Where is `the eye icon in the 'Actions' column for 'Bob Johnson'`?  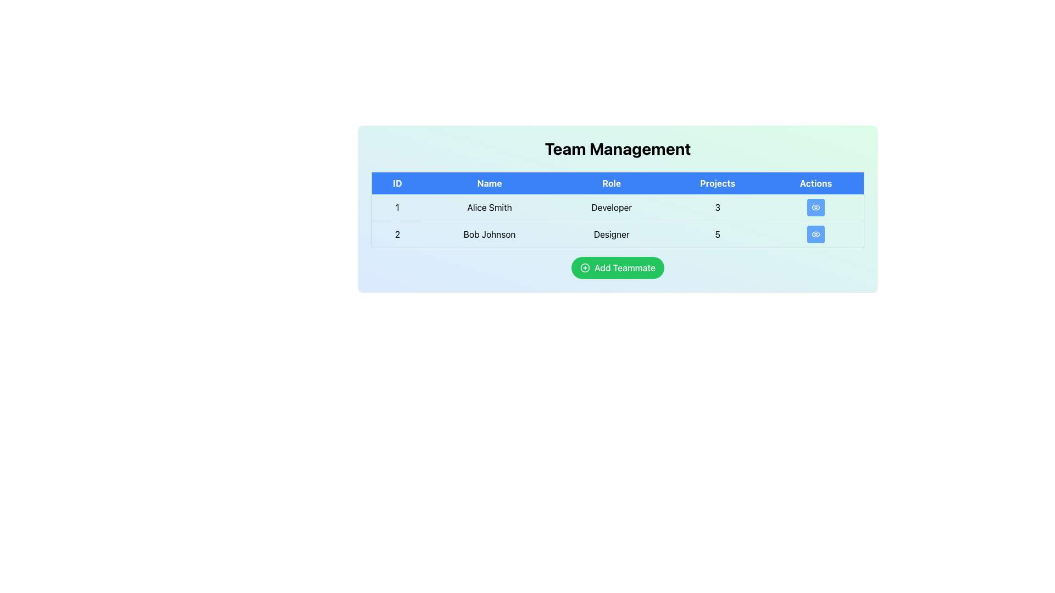 the eye icon in the 'Actions' column for 'Bob Johnson' is located at coordinates (816, 208).